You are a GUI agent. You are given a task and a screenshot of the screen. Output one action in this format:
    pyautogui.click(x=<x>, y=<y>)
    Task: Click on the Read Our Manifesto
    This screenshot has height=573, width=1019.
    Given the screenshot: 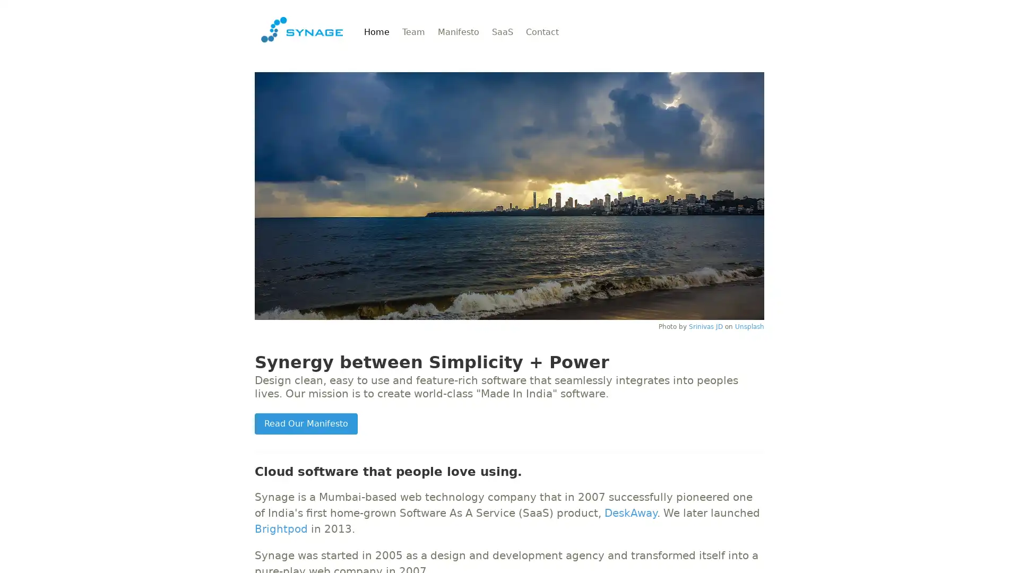 What is the action you would take?
    pyautogui.click(x=305, y=423)
    